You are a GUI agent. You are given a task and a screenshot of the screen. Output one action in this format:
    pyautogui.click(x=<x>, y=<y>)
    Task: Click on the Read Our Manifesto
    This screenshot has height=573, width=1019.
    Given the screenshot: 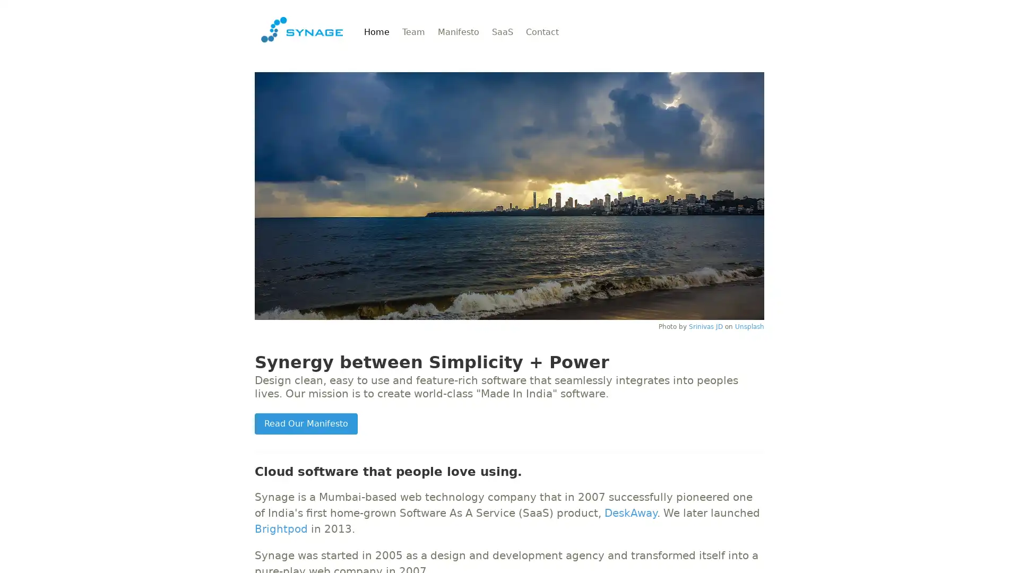 What is the action you would take?
    pyautogui.click(x=305, y=423)
    